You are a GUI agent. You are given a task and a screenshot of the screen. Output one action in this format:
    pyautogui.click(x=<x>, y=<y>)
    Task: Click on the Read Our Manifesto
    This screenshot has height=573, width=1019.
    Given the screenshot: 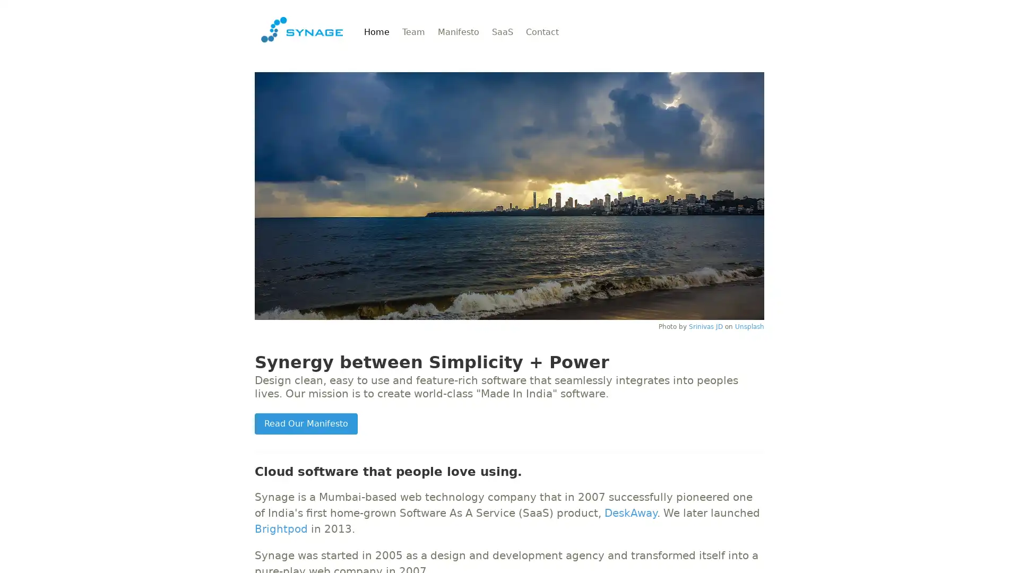 What is the action you would take?
    pyautogui.click(x=305, y=423)
    